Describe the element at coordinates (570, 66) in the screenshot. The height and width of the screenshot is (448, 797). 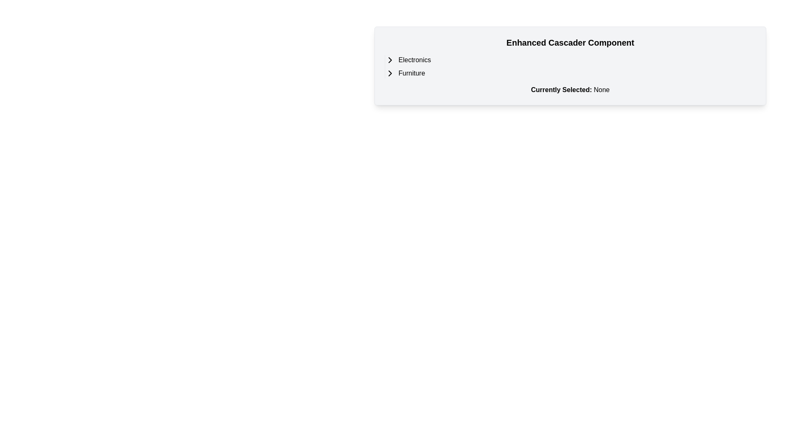
I see `the 'Electronics' and 'Furniture' category list` at that location.